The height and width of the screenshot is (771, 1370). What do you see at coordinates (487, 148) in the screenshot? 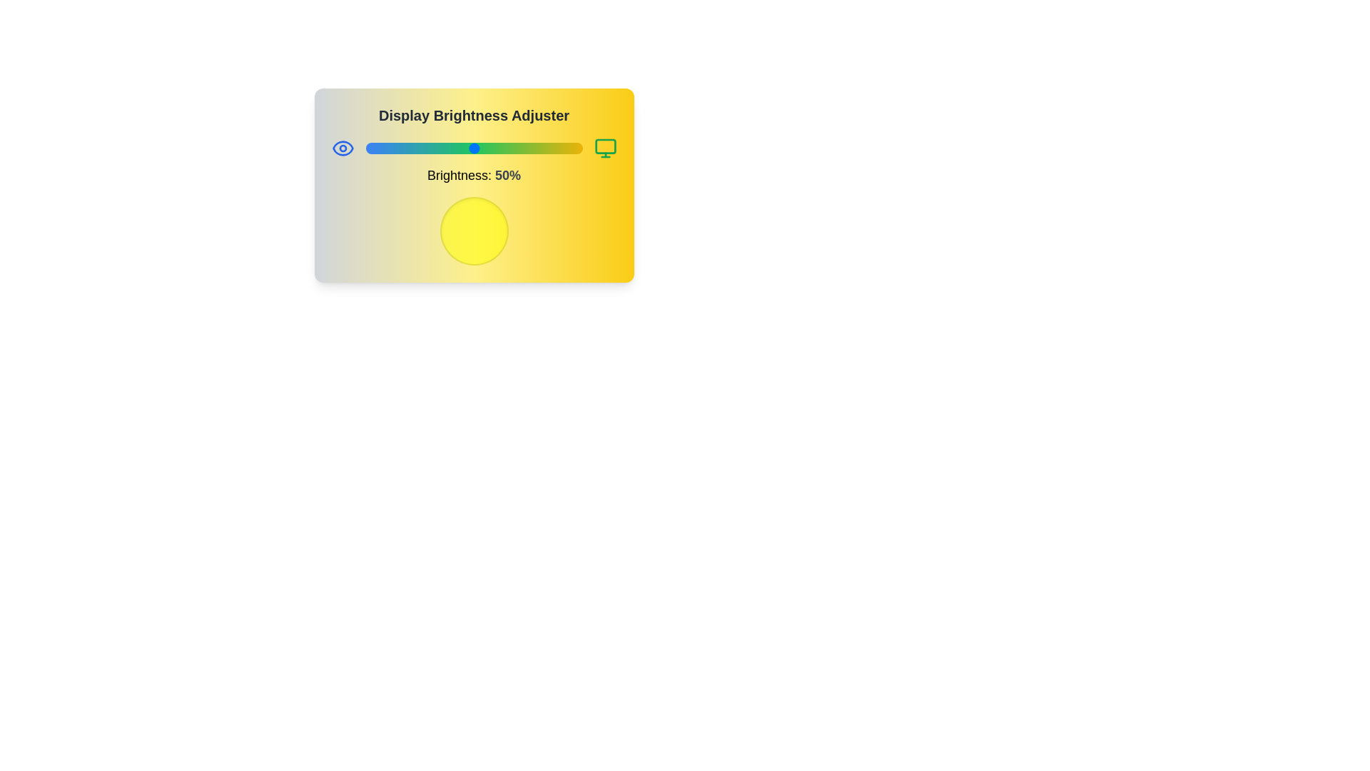
I see `the brightness to 56%` at bounding box center [487, 148].